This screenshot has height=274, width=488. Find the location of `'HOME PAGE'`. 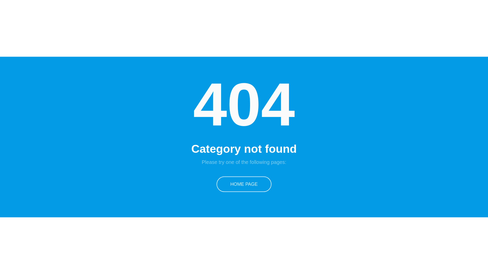

'HOME PAGE' is located at coordinates (244, 184).